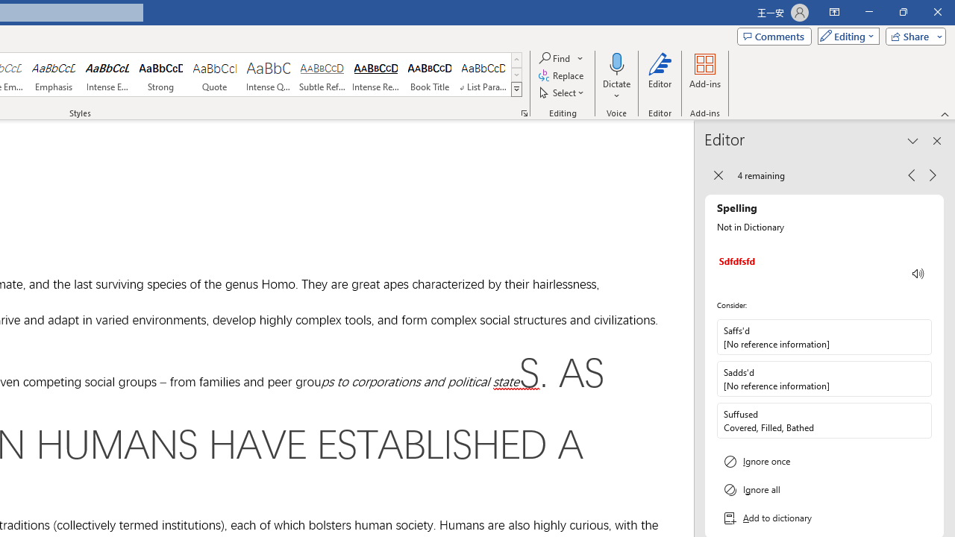 Image resolution: width=955 pixels, height=537 pixels. I want to click on 'Mode', so click(845, 35).